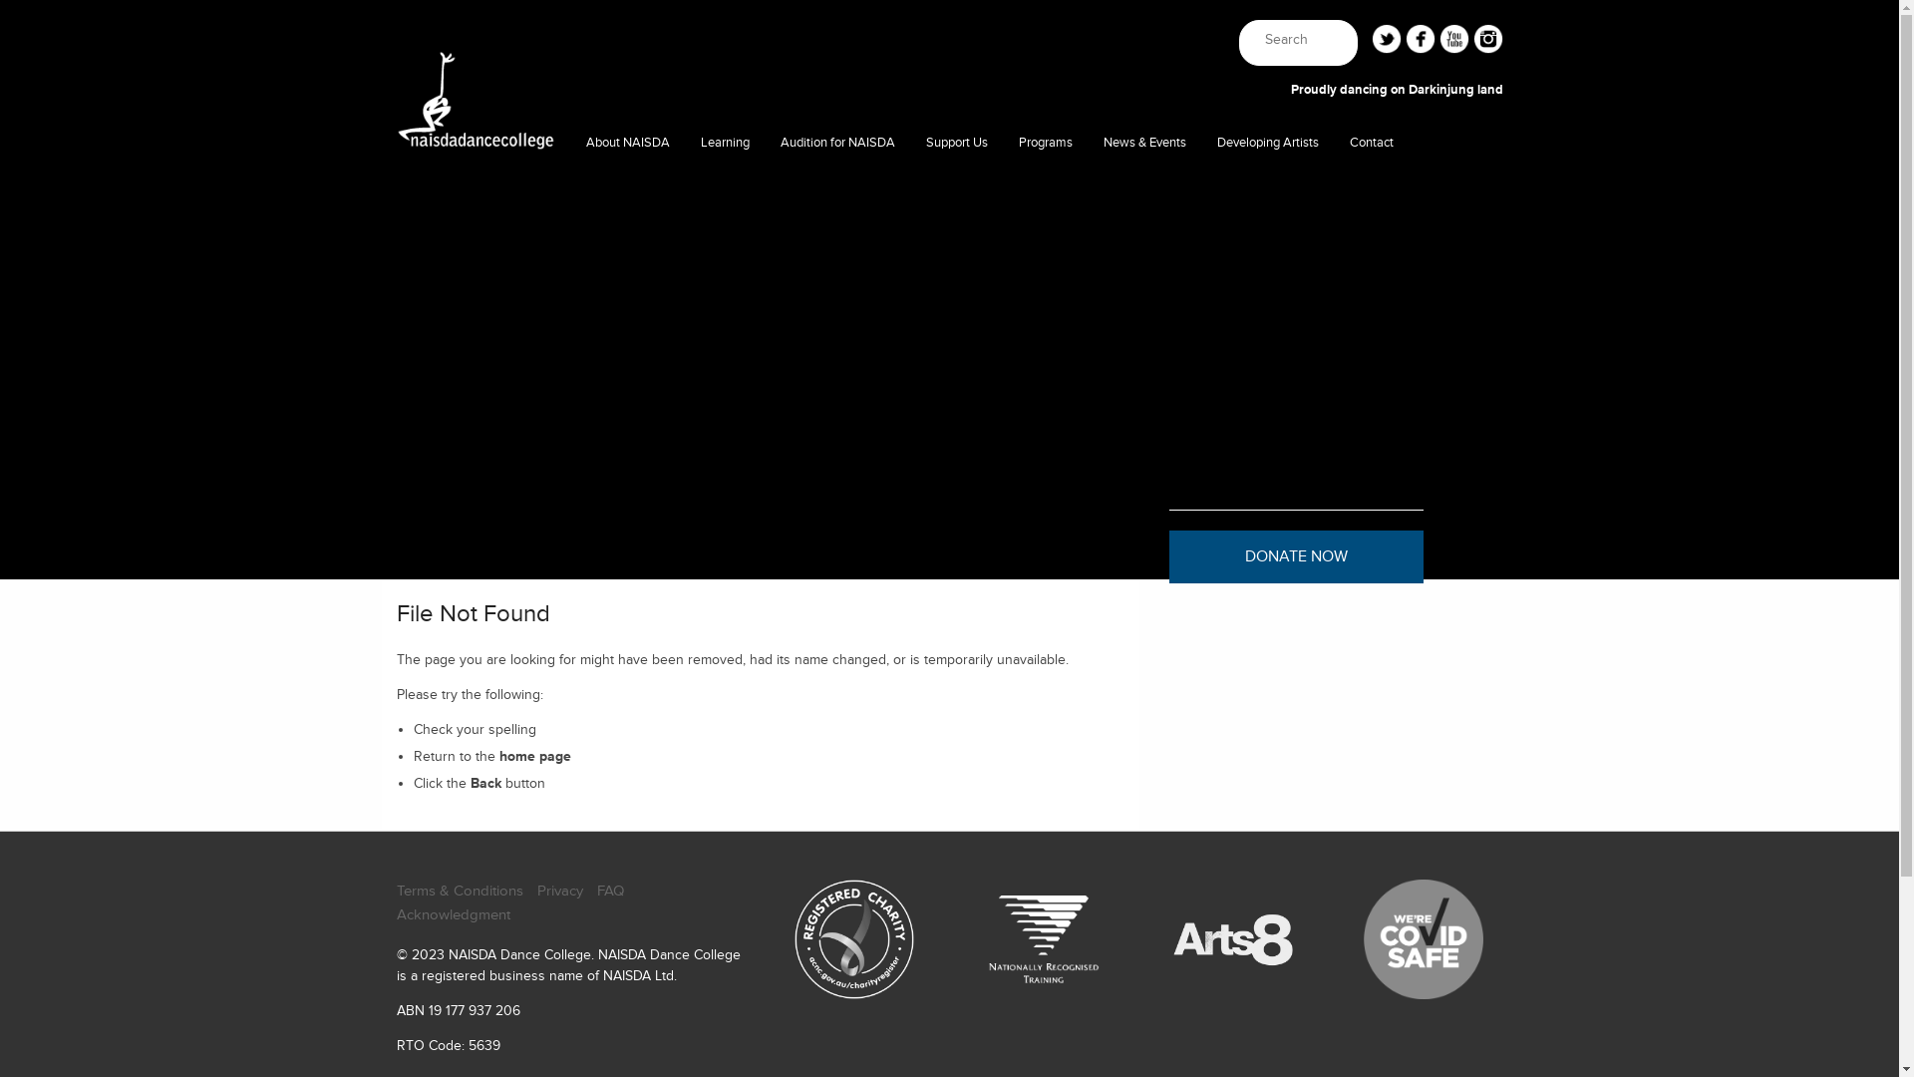 The image size is (1914, 1077). What do you see at coordinates (1045, 184) in the screenshot?
I see `'Productions'` at bounding box center [1045, 184].